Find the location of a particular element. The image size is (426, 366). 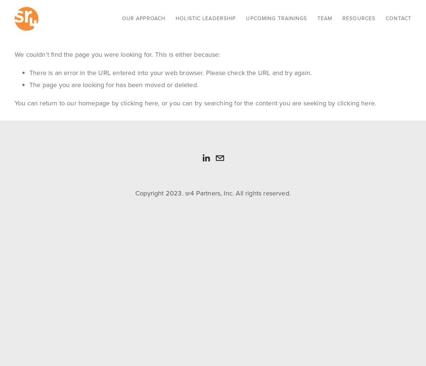

'Team' is located at coordinates (324, 18).